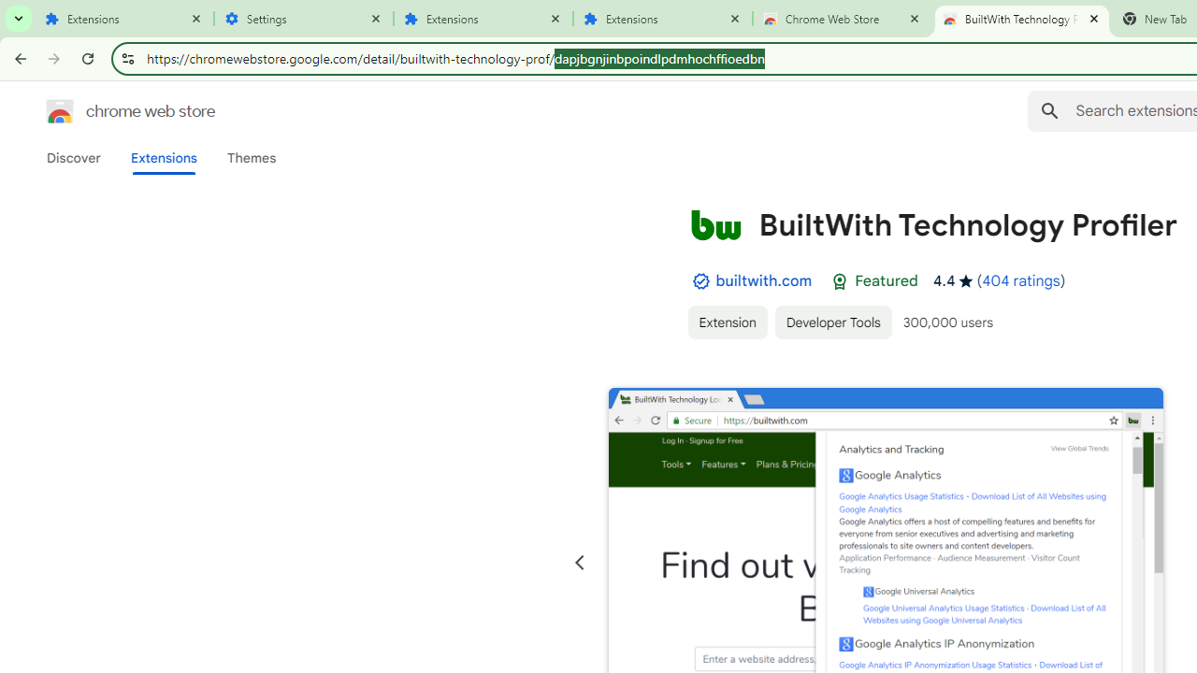 This screenshot has height=673, width=1197. Describe the element at coordinates (764, 280) in the screenshot. I see `'builtwith.com'` at that location.